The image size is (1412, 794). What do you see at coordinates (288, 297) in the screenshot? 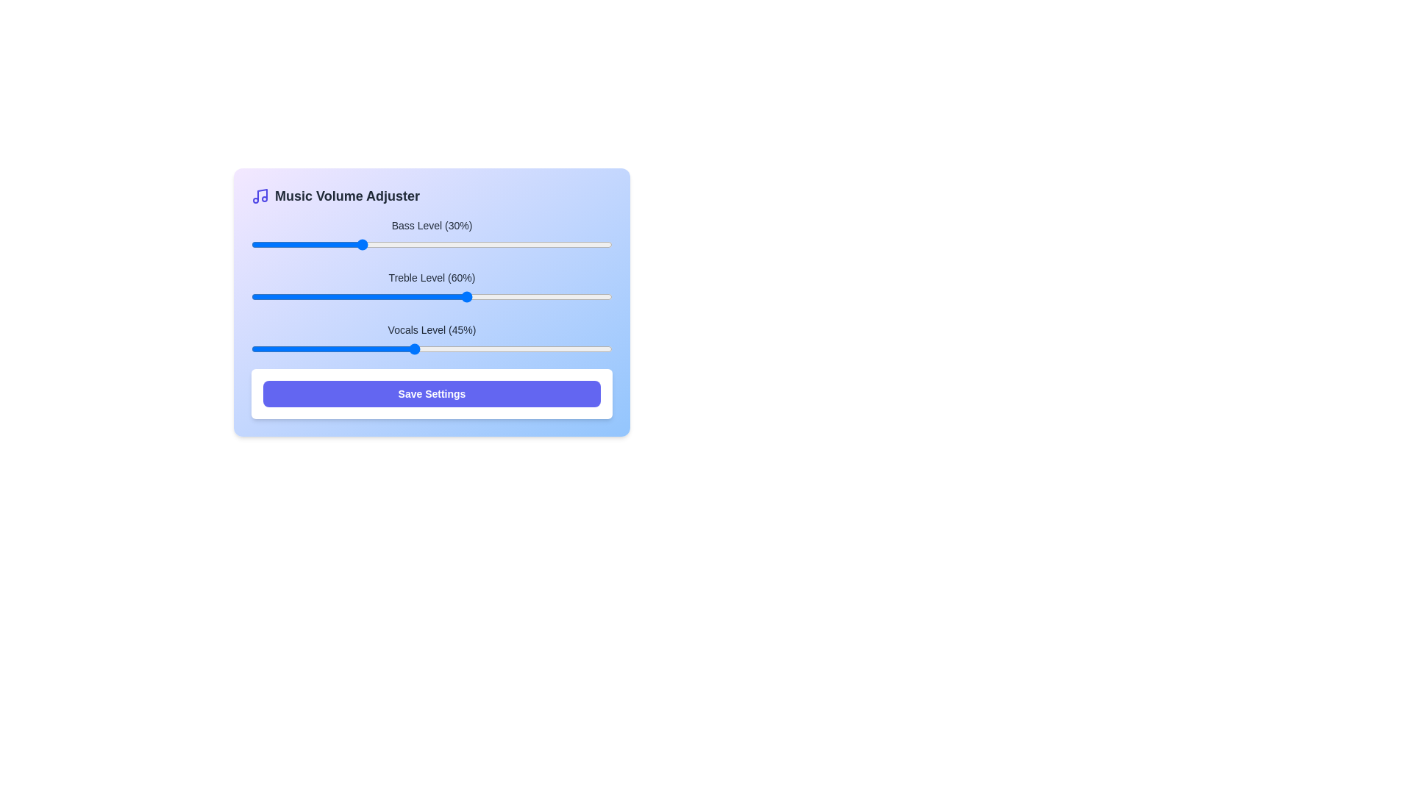
I see `the treble level` at bounding box center [288, 297].